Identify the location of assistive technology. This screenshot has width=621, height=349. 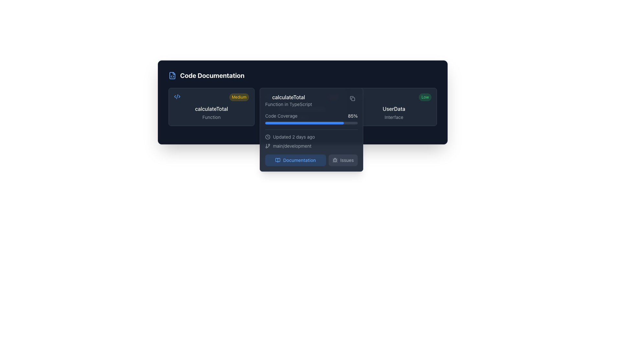
(172, 75).